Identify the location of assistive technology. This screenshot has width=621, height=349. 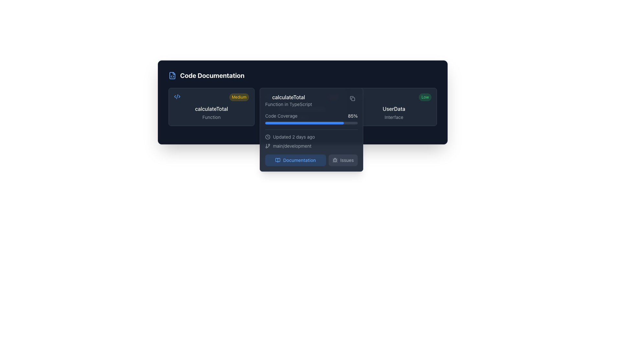
(172, 75).